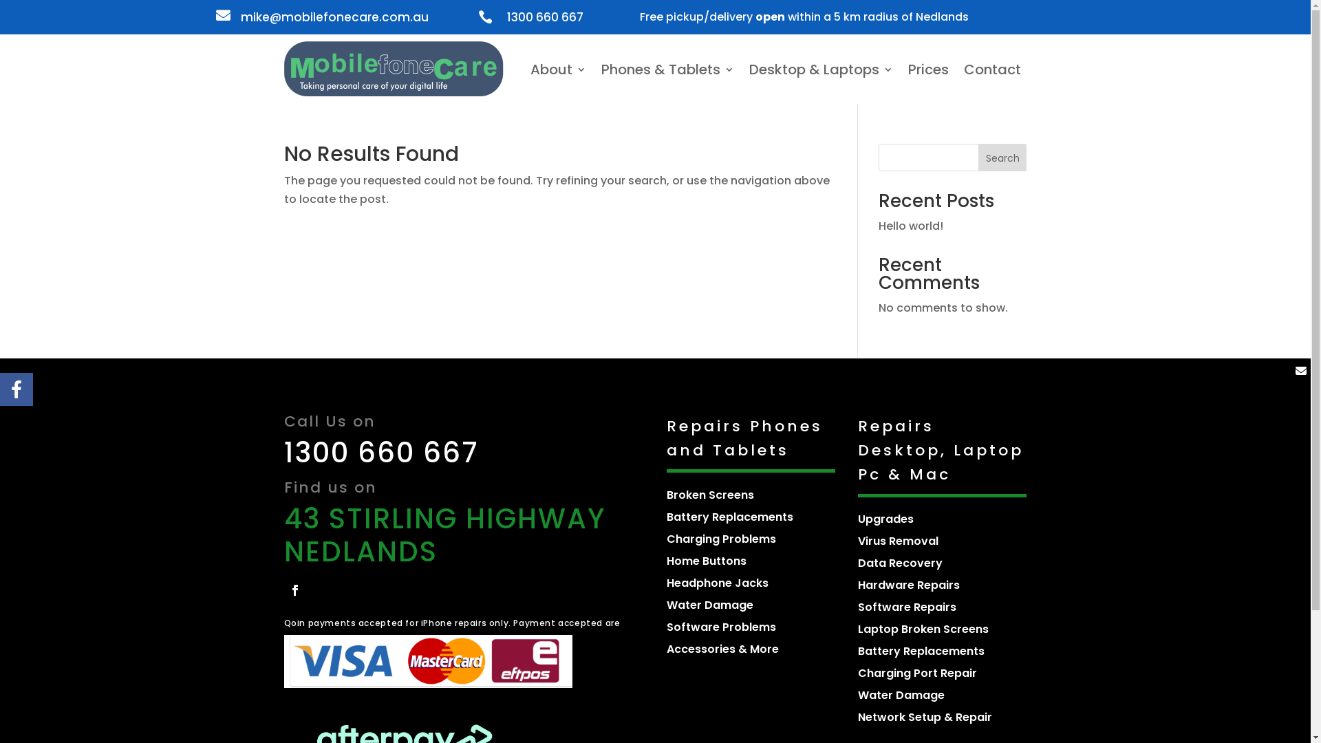 The image size is (1321, 743). I want to click on 'Water Damage', so click(710, 604).